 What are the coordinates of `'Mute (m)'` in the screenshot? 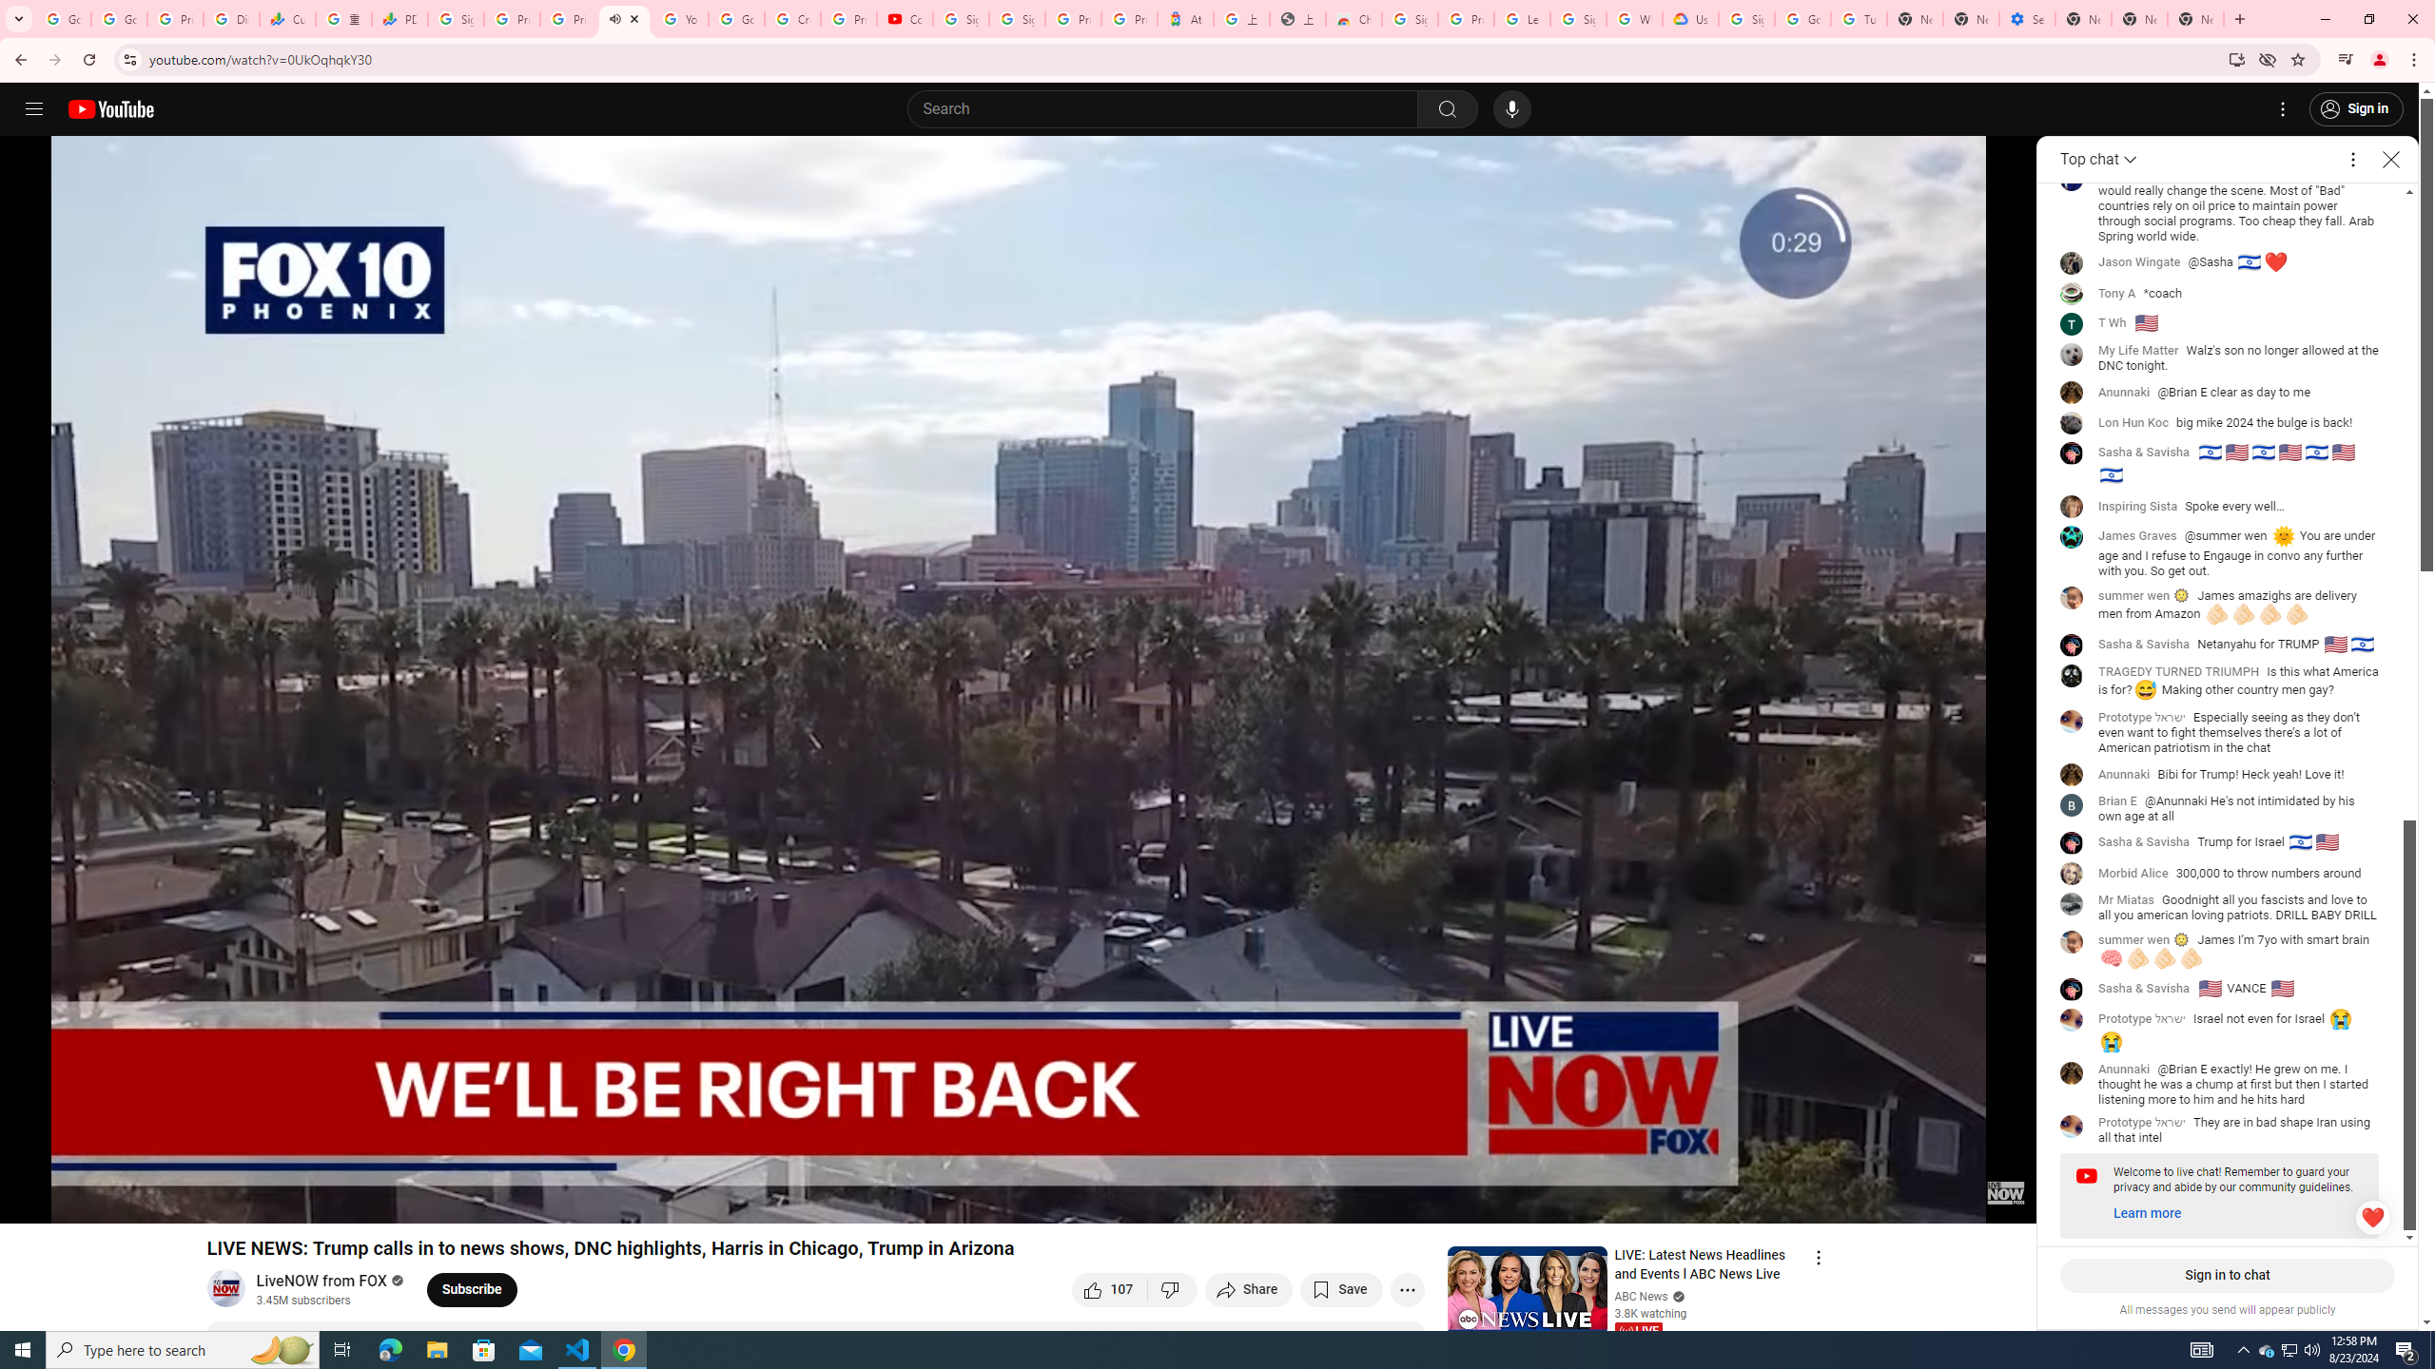 It's located at (123, 1199).